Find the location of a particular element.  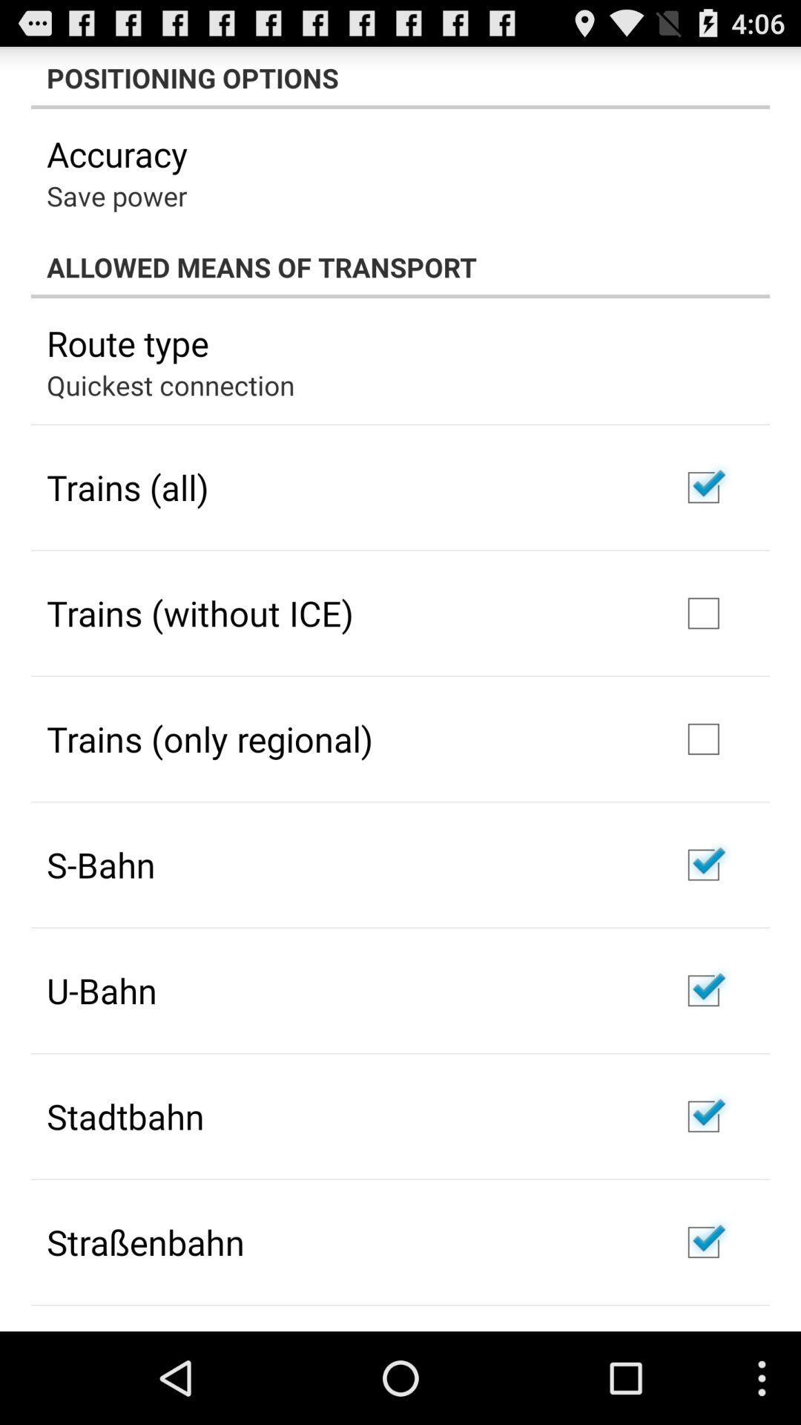

the app above stadtbahn app is located at coordinates (101, 990).